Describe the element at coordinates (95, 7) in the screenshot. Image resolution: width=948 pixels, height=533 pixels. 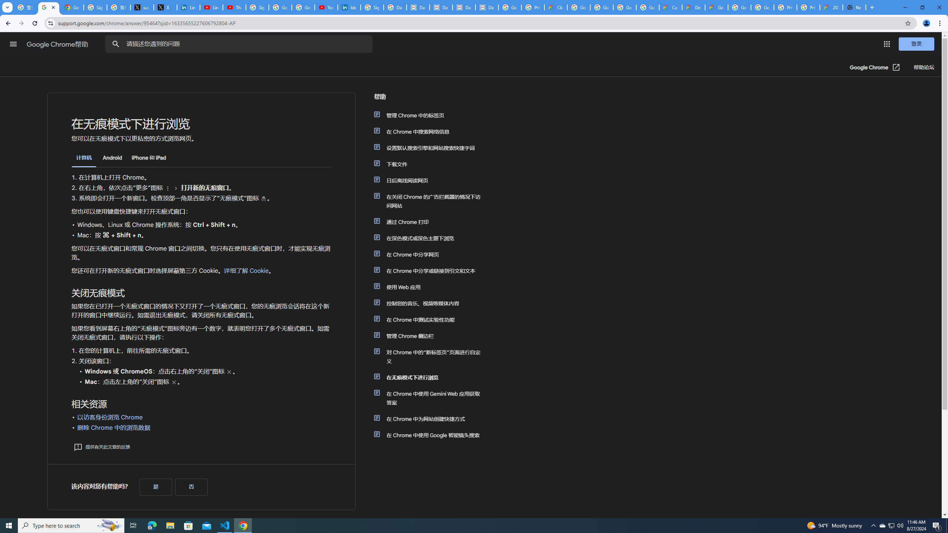
I see `'Sign in - Google Accounts'` at that location.